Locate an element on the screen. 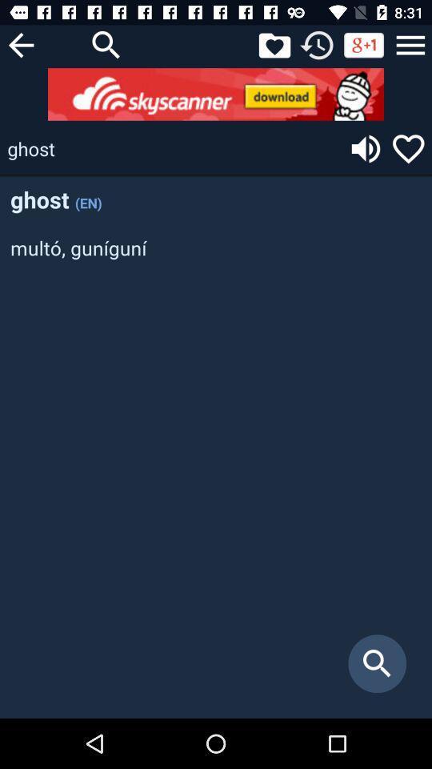 The height and width of the screenshot is (769, 432). like is located at coordinates (274, 44).